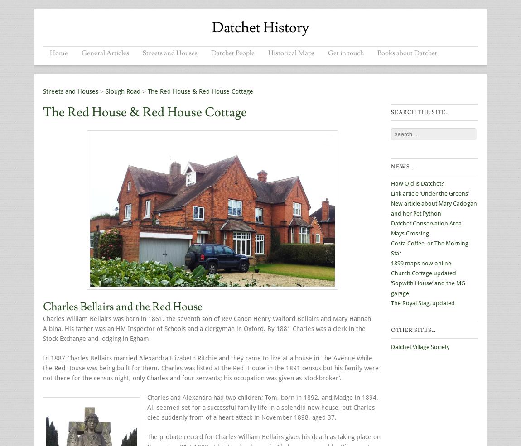  I want to click on 'Datchet Conservation Area', so click(426, 223).